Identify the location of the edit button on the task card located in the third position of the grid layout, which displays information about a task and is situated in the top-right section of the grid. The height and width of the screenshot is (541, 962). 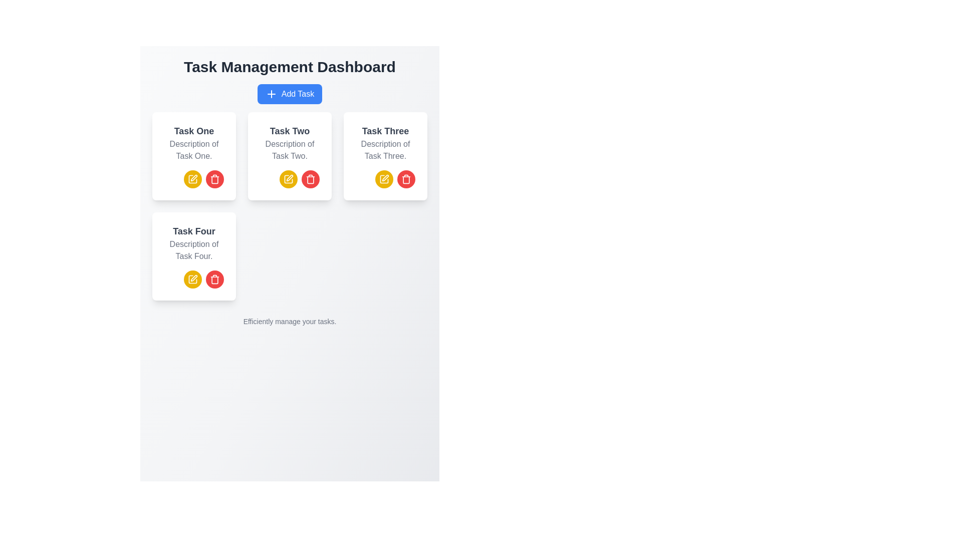
(385, 156).